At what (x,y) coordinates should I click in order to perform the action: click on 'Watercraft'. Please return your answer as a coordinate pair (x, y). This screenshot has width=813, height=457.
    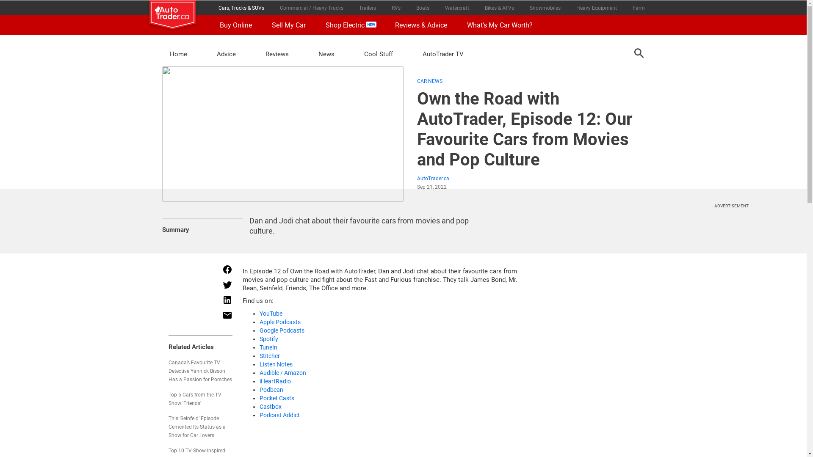
    Looking at the image, I should click on (456, 8).